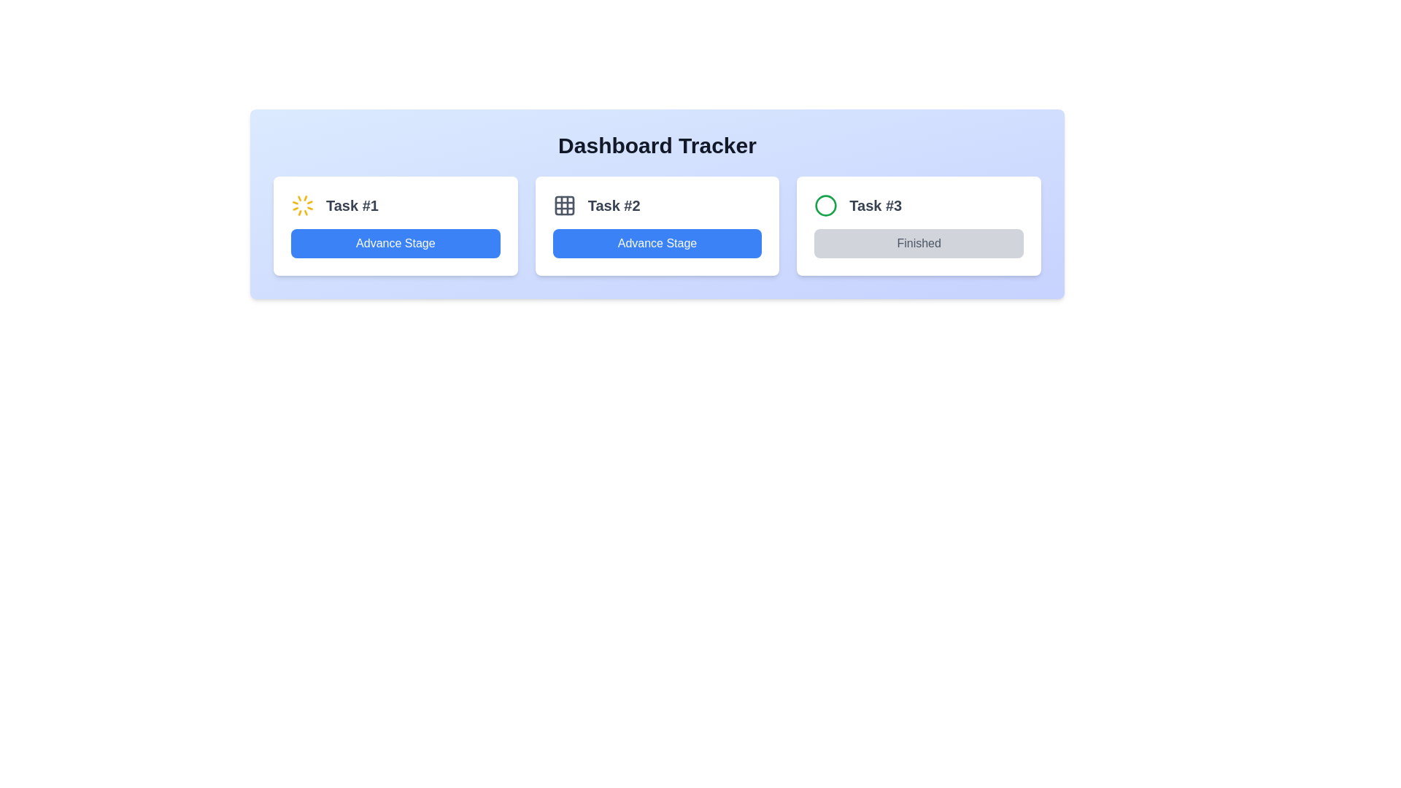 This screenshot has width=1401, height=788. What do you see at coordinates (395, 225) in the screenshot?
I see `the actionable button on the first task card in the dashboard interface to advance the task's stage` at bounding box center [395, 225].